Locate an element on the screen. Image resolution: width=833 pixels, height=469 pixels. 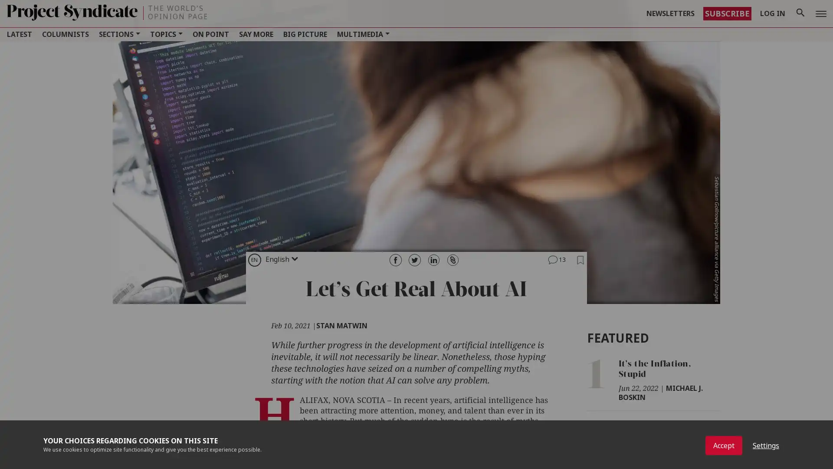
Accept is located at coordinates (724, 446).